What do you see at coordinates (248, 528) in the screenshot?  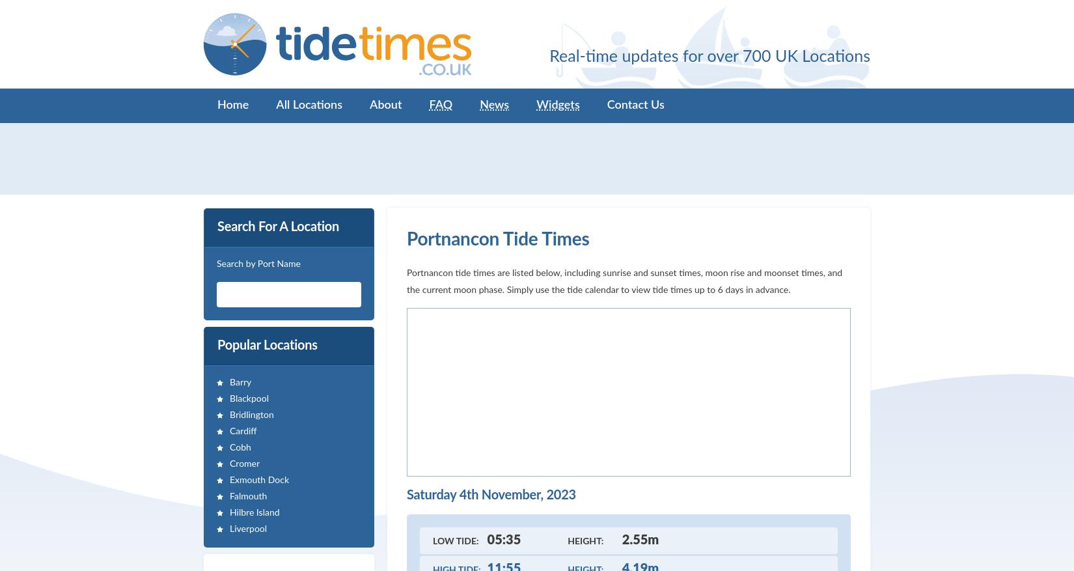 I see `'Liverpool'` at bounding box center [248, 528].